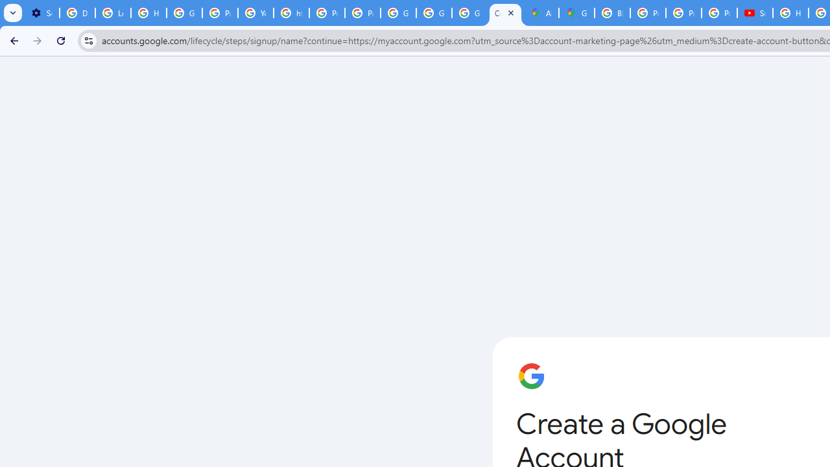 The width and height of the screenshot is (830, 467). Describe the element at coordinates (113, 13) in the screenshot. I see `'Learn how to find your photos - Google Photos Help'` at that location.